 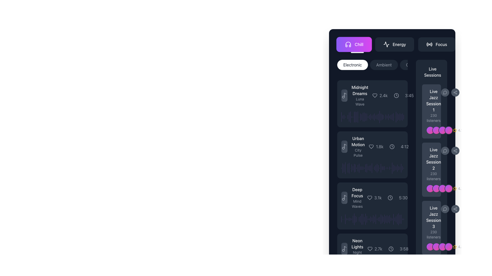 I want to click on the 'Focus' button, which is a horizontally rectangular button with rounded corners, dark gray background, and the text 'Focus' in white font, located at the rightmost end of a row of buttons, so click(x=436, y=44).